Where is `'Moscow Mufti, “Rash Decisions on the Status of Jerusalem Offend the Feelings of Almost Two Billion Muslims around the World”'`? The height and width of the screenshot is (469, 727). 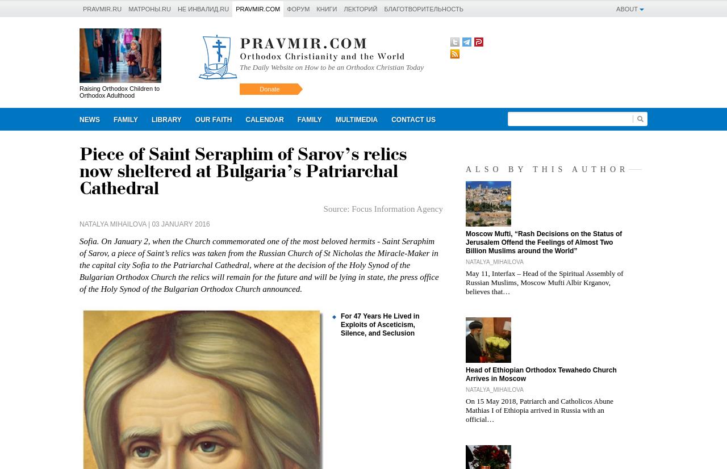
'Moscow Mufti, “Rash Decisions on the Status of Jerusalem Offend the Feelings of Almost Two Billion Muslims around the World”' is located at coordinates (543, 242).